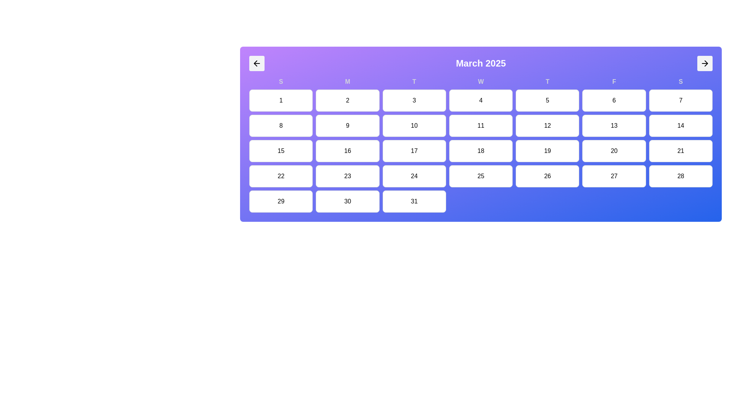 The width and height of the screenshot is (734, 413). Describe the element at coordinates (680, 100) in the screenshot. I see `the calendar date cell for the 7th day of the week, which is a white, rounded rectangular box with a thin gray border and the number '7' in the center` at that location.